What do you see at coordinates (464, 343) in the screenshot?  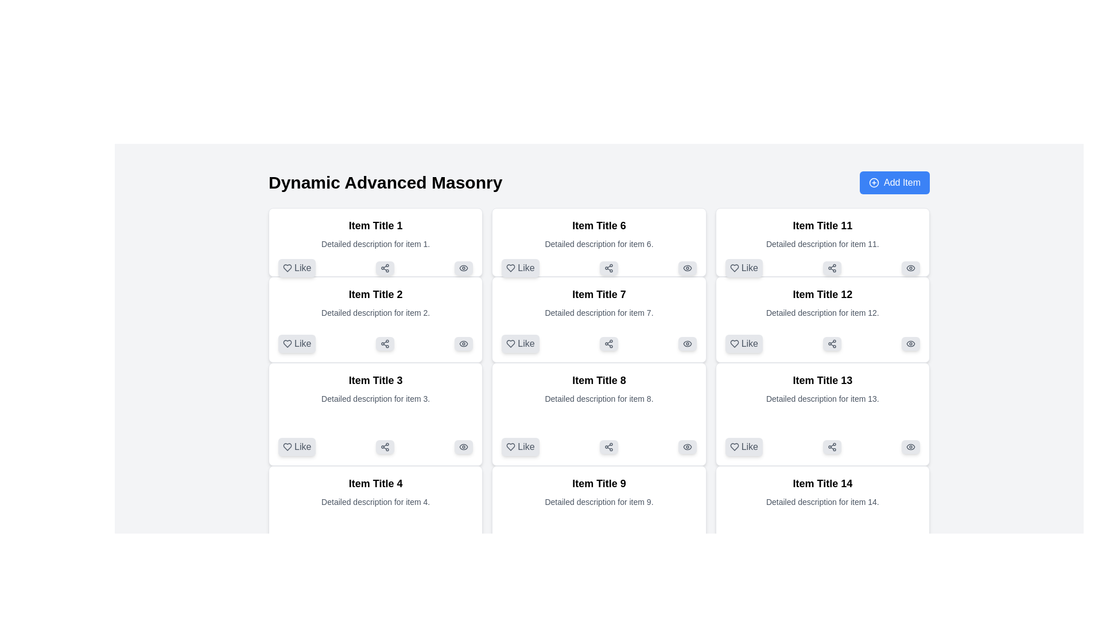 I see `the SVG graphic icon representing the visibility toggle located at the bottom-right corner of the card labeled 'Item Title 2' in the second column of the interface grid` at bounding box center [464, 343].